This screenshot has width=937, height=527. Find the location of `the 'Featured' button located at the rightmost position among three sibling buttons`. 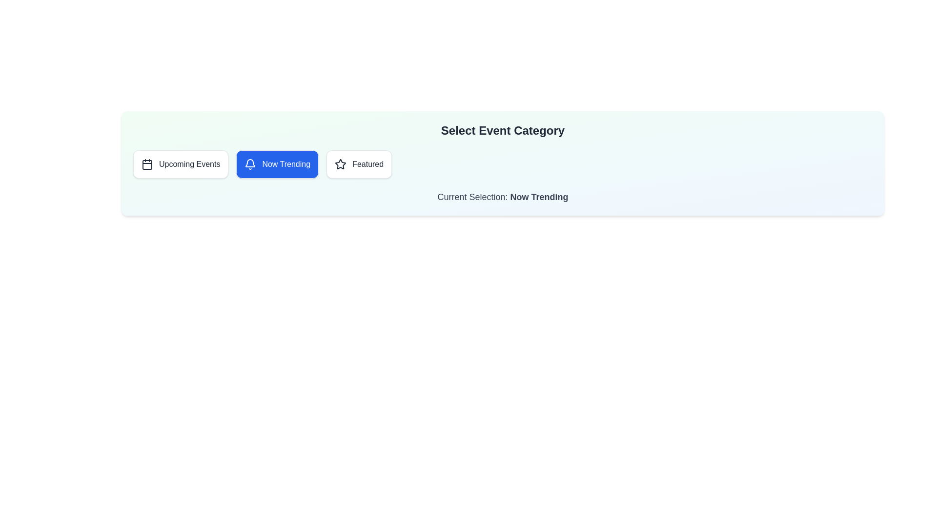

the 'Featured' button located at the rightmost position among three sibling buttons is located at coordinates (358, 163).